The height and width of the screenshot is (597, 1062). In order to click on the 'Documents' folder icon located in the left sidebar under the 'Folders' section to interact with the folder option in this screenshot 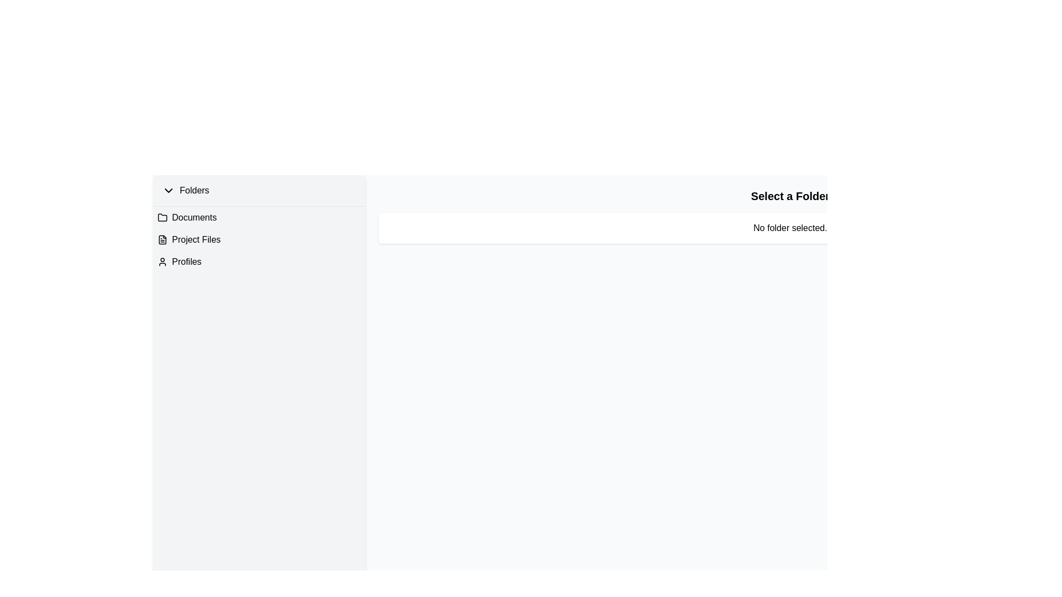, I will do `click(162, 217)`.